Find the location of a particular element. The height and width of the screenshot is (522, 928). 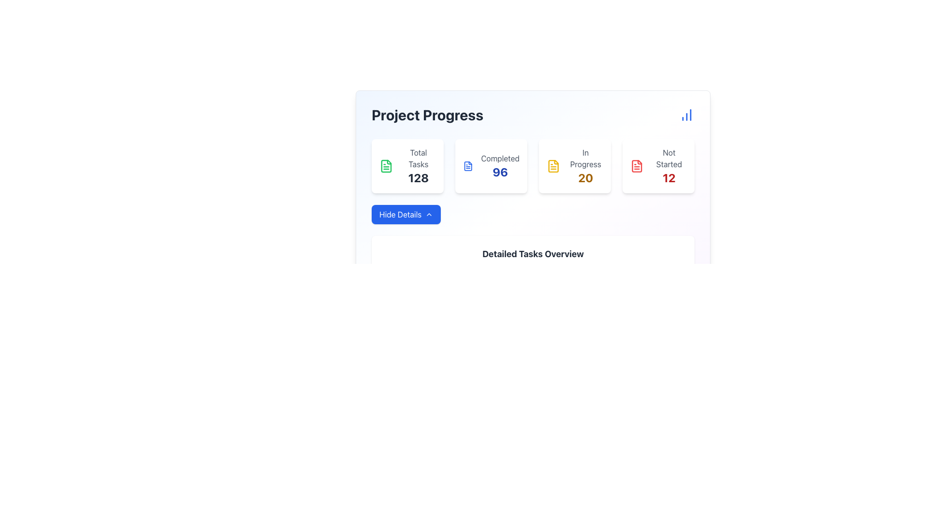

text 'Total Tasks' from the label styled in light gray font, located above the number '128' within the first card in the top-left section of the interface is located at coordinates (418, 158).